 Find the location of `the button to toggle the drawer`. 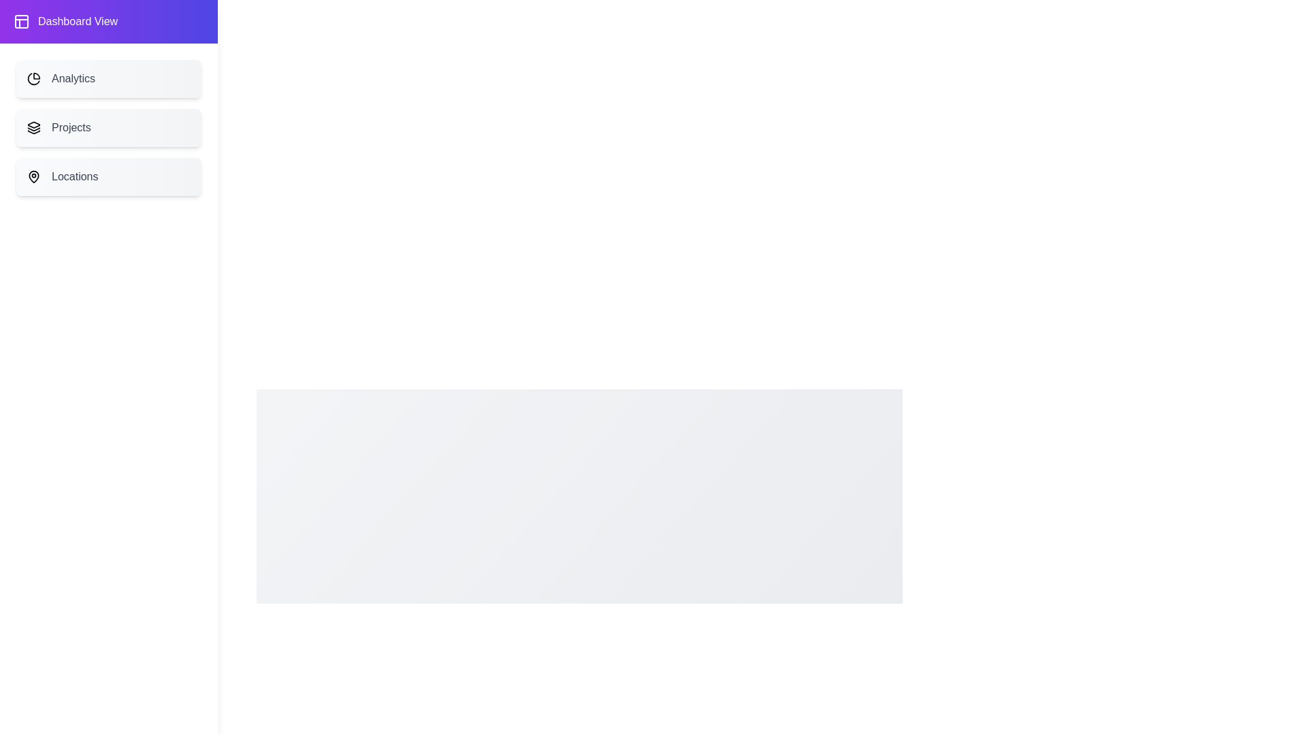

the button to toggle the drawer is located at coordinates (33, 34).